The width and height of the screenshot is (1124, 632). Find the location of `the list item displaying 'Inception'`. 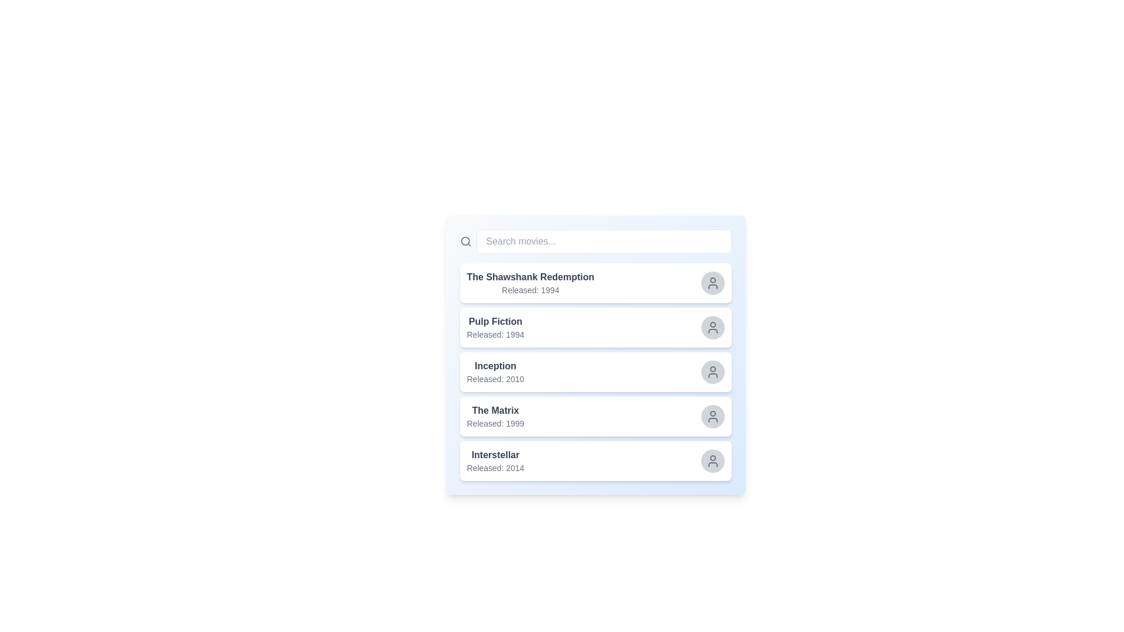

the list item displaying 'Inception' is located at coordinates (595, 372).